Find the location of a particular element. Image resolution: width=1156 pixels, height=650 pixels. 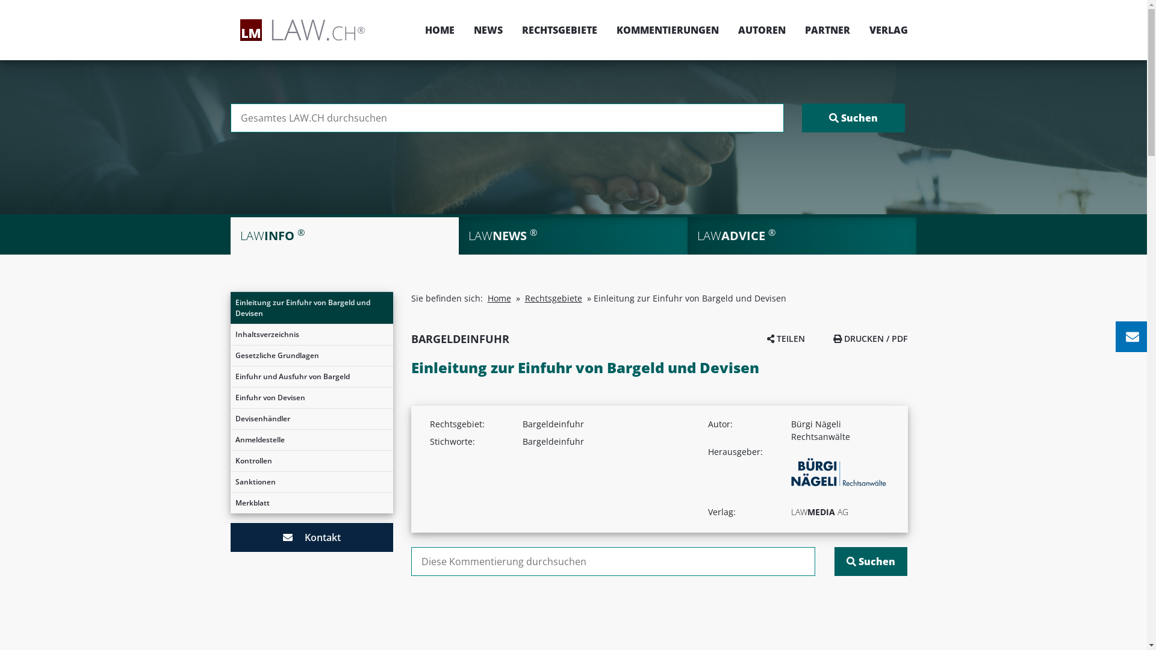

'VERLAG' is located at coordinates (884, 29).